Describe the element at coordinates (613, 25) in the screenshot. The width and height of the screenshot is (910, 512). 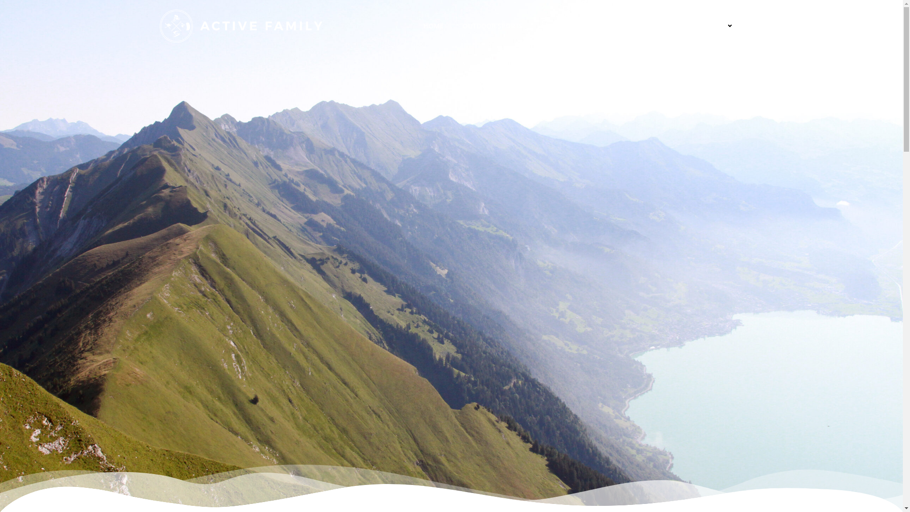
I see `'PLACES'` at that location.